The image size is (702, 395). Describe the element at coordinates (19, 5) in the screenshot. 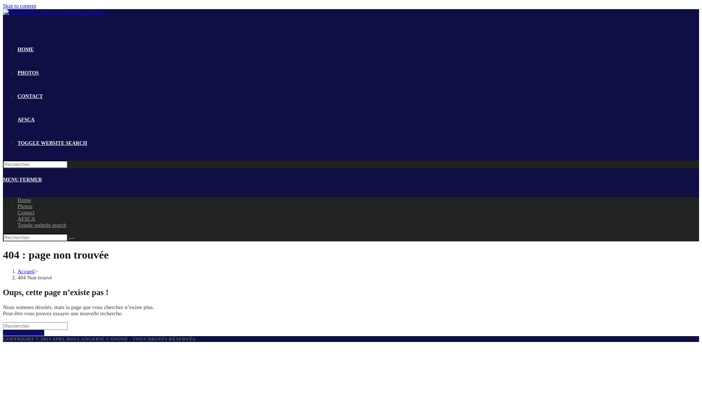

I see `'Skip to content'` at that location.